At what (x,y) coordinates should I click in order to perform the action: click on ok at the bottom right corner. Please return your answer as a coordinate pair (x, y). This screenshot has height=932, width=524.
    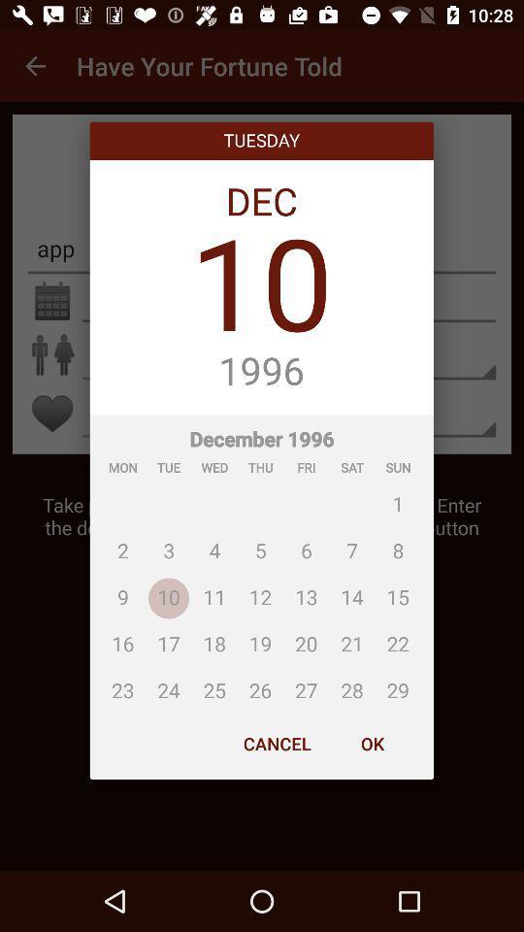
    Looking at the image, I should click on (372, 743).